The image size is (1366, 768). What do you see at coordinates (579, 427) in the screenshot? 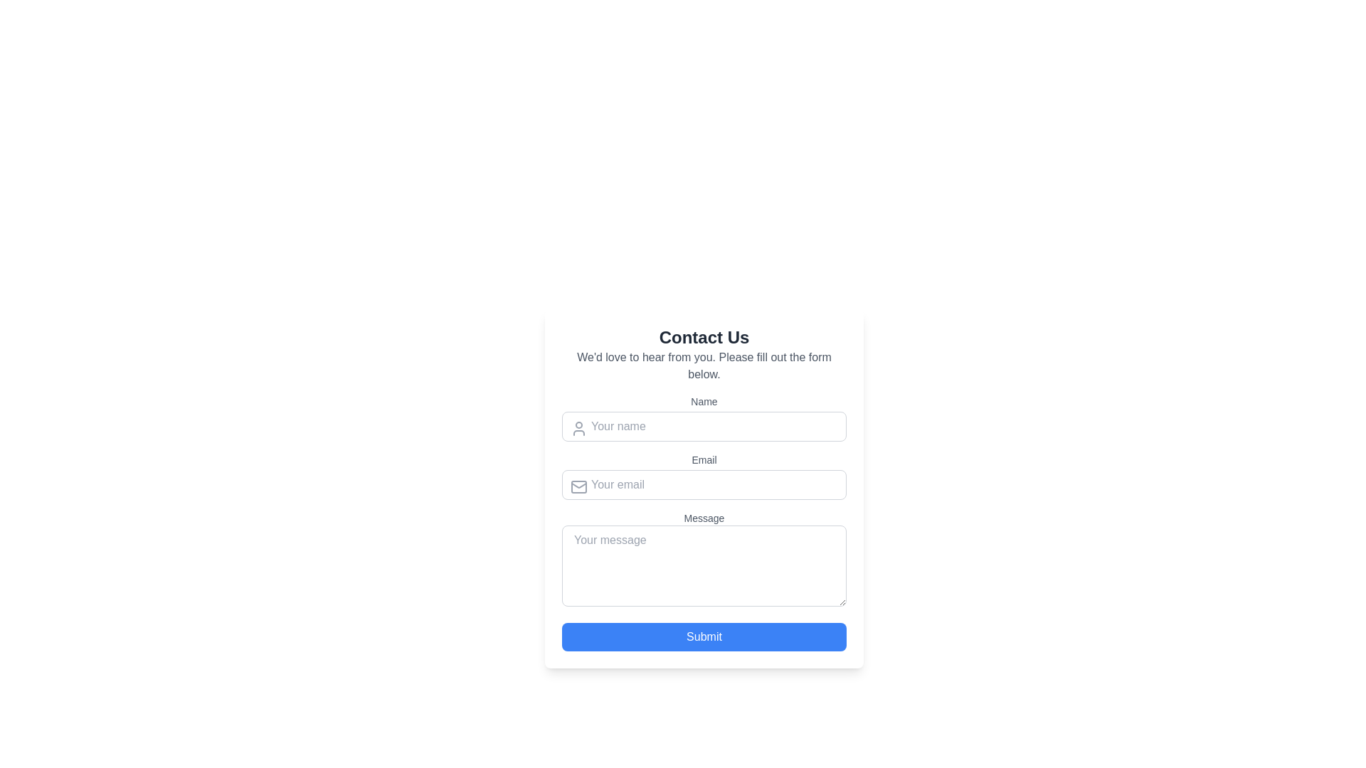
I see `the Decorative Icon located on the left side inside the 'Your name' input field, which serves as an indicator for name entry` at bounding box center [579, 427].